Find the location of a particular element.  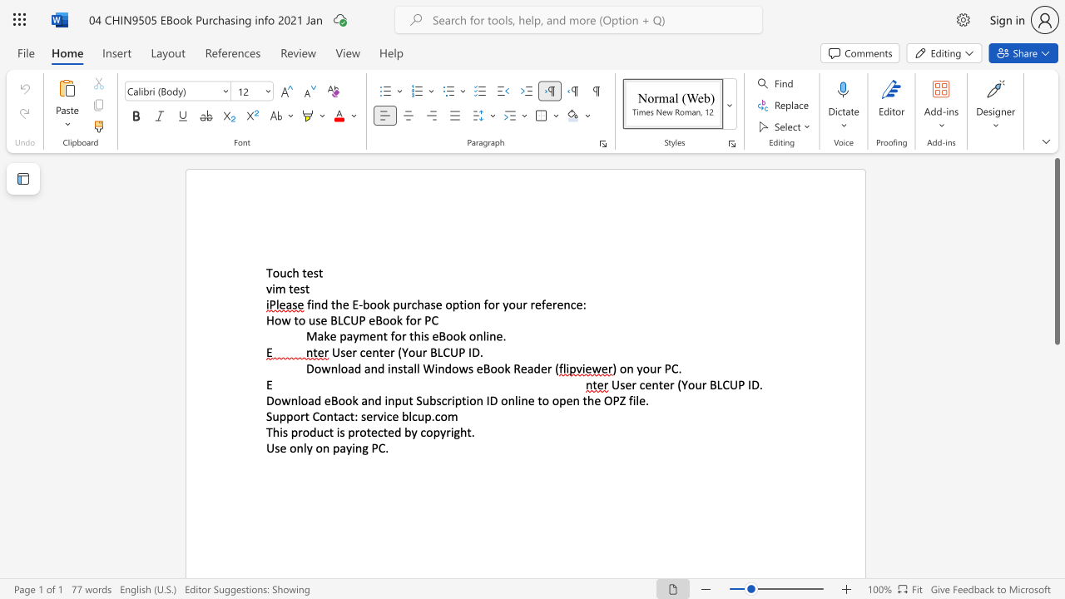

the 1th character "k" in the text is located at coordinates (326, 336).